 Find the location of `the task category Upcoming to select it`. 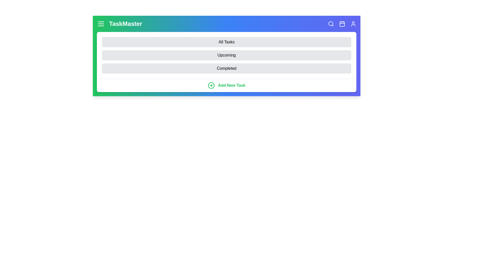

the task category Upcoming to select it is located at coordinates (226, 55).